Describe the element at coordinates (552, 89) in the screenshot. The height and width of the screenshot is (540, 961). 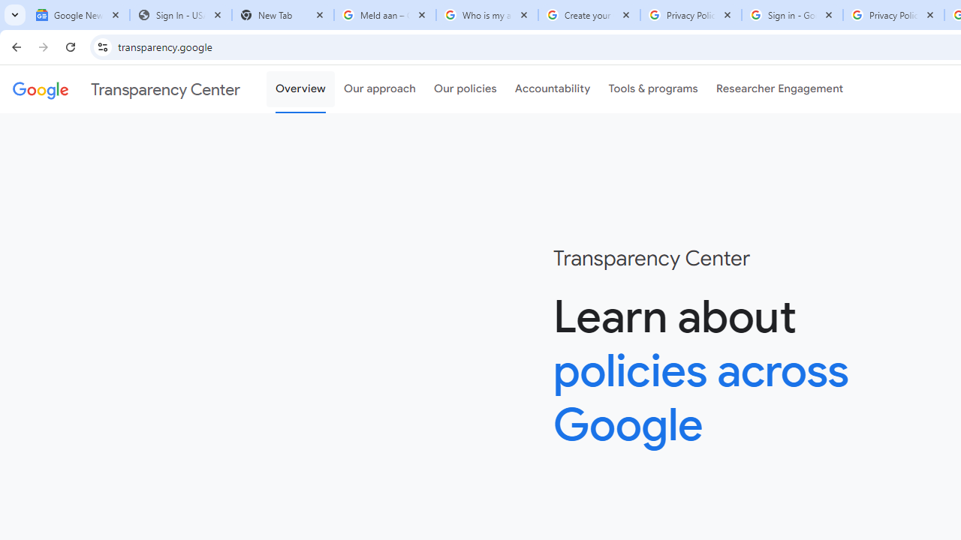
I see `'Accountability'` at that location.